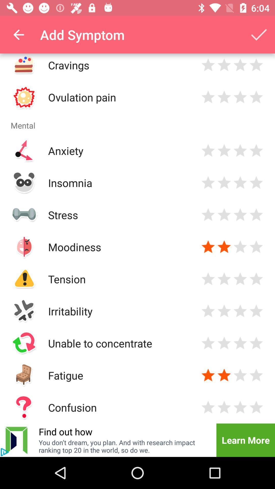  Describe the element at coordinates (256, 65) in the screenshot. I see `4 star rating` at that location.